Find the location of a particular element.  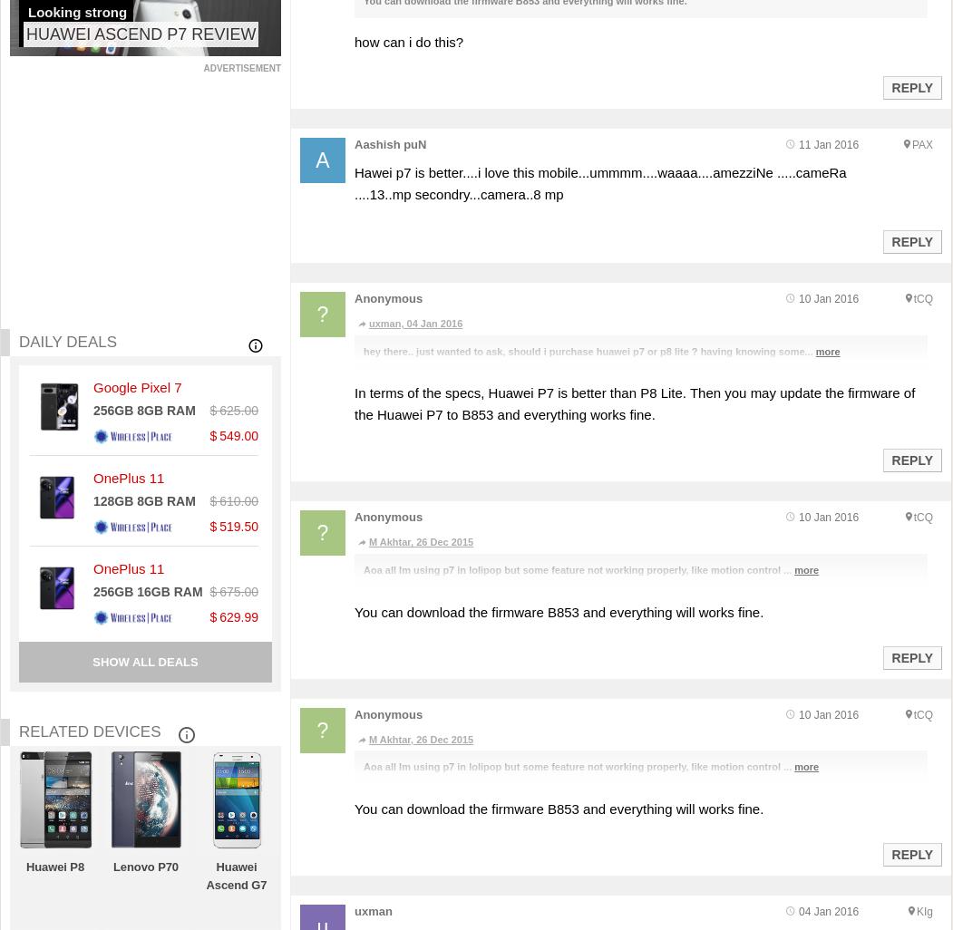

'....13..mp    secondry...camera..8   mp' is located at coordinates (458, 194).